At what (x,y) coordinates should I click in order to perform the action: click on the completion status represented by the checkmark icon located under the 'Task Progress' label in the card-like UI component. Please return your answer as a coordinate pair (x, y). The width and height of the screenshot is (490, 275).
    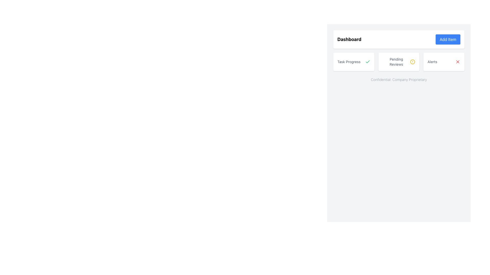
    Looking at the image, I should click on (367, 61).